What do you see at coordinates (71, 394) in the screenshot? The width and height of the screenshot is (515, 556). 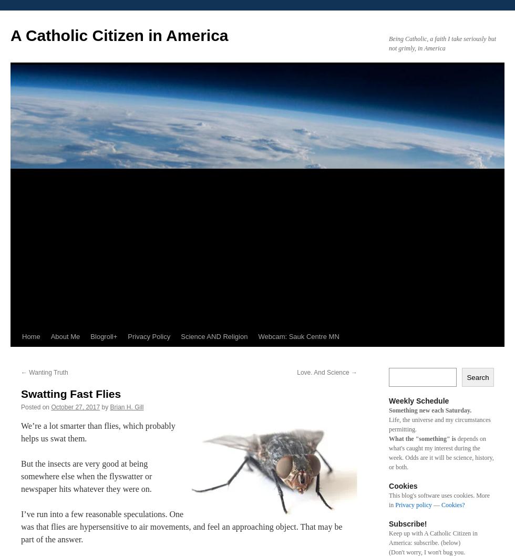 I see `'Swatting Fast Flies'` at bounding box center [71, 394].